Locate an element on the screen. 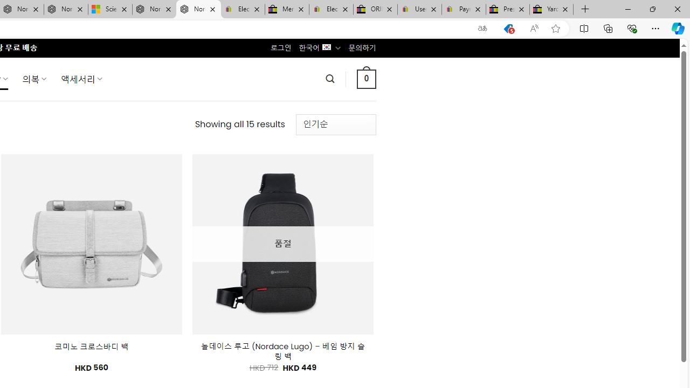 The image size is (690, 388). '  0  ' is located at coordinates (366, 78).